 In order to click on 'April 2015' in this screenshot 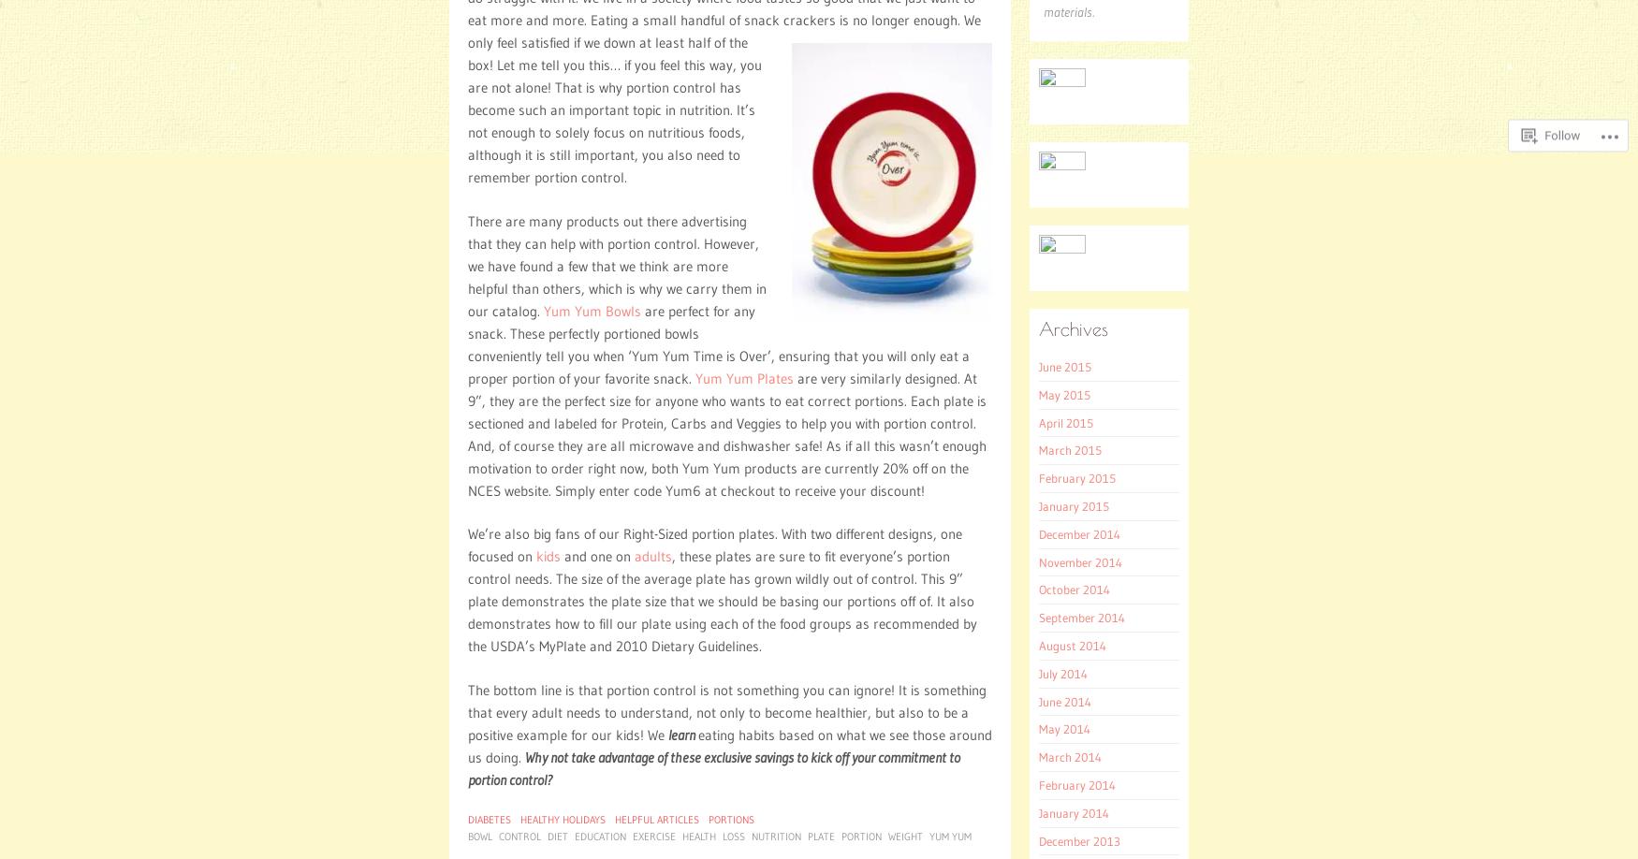, I will do `click(1039, 421)`.